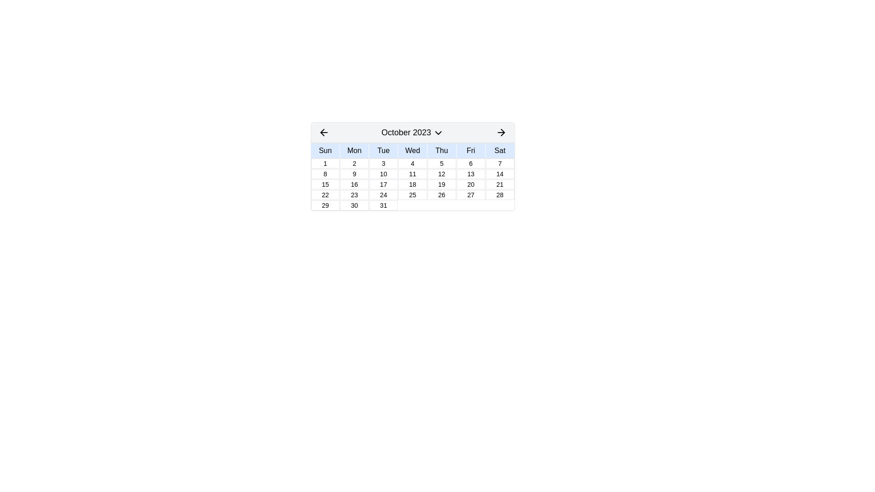 This screenshot has width=875, height=492. Describe the element at coordinates (354, 163) in the screenshot. I see `the calendar day cell displaying the number '2', located in the second column of the first row under 'Mon'` at that location.